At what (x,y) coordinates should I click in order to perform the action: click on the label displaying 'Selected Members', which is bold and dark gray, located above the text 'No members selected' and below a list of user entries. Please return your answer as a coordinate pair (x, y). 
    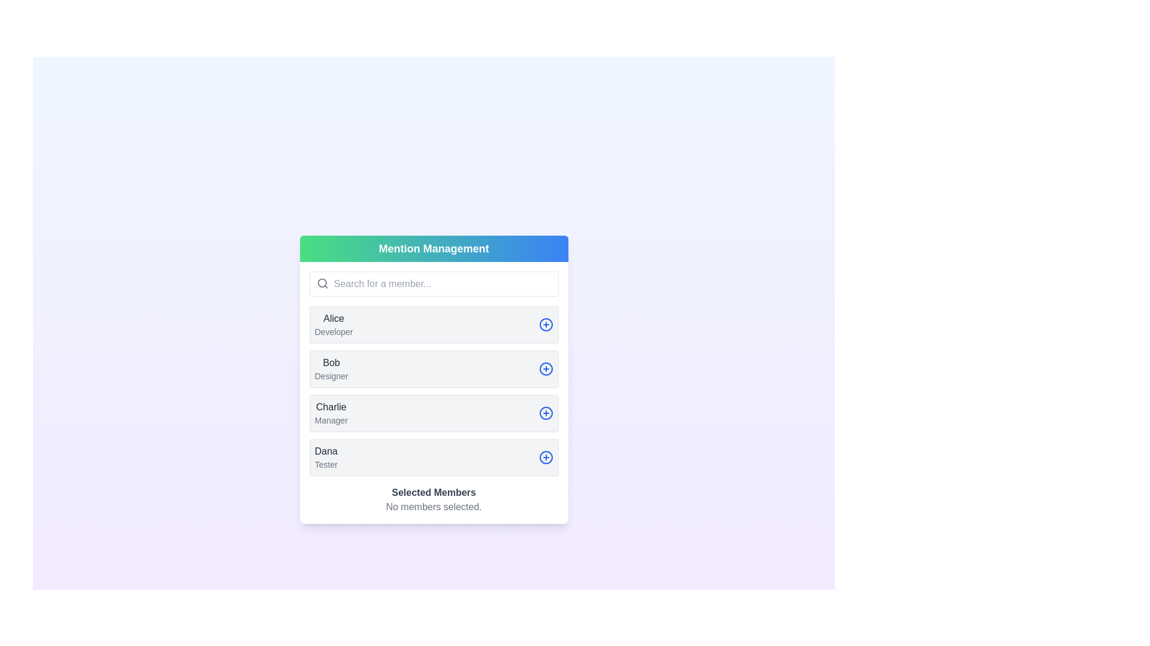
    Looking at the image, I should click on (433, 493).